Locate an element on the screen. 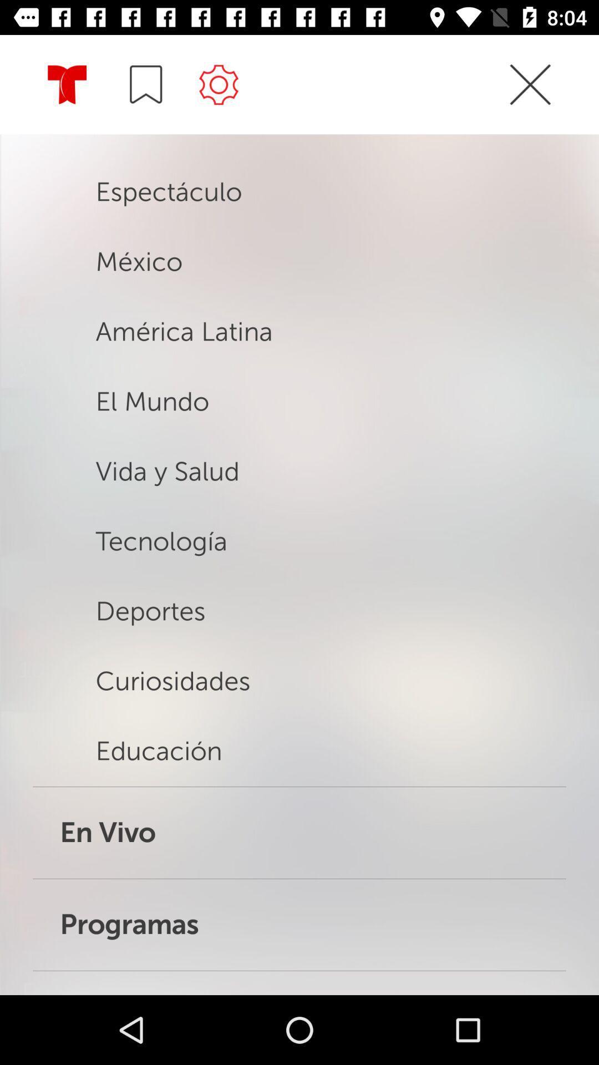  the text below vida y  salud is located at coordinates (226, 560).